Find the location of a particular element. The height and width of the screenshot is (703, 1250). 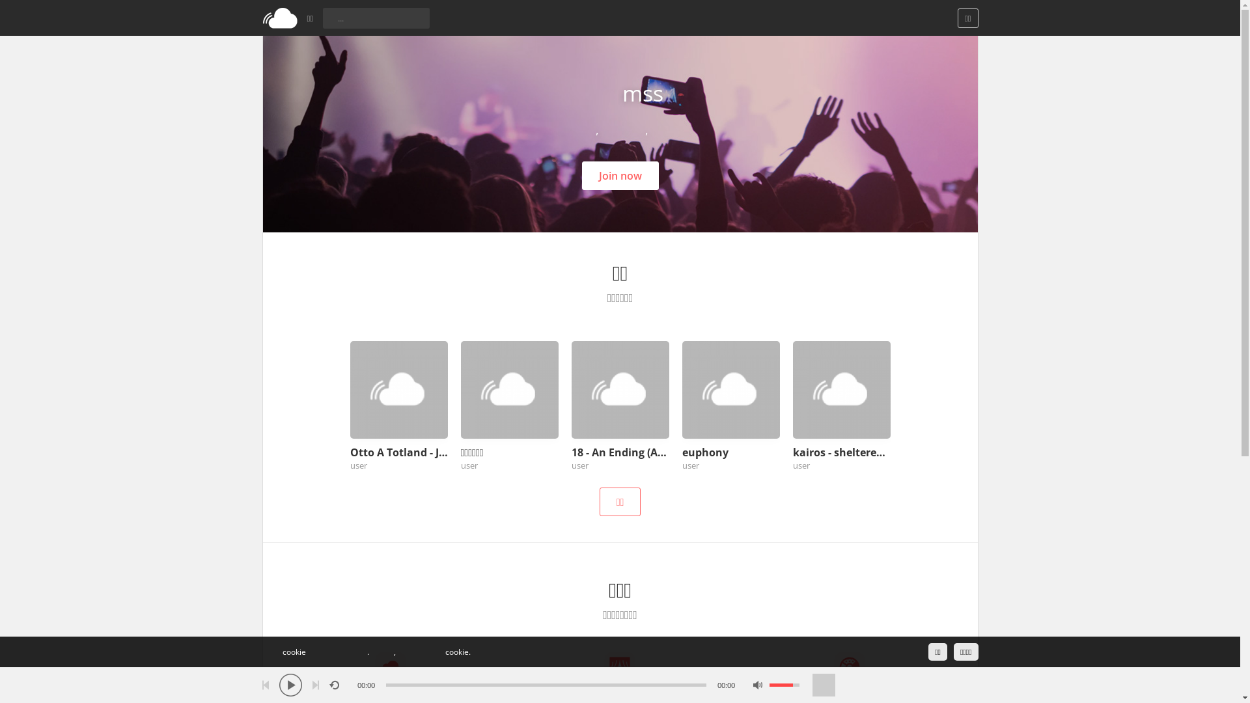

'kairos - sheltered love' is located at coordinates (792, 451).